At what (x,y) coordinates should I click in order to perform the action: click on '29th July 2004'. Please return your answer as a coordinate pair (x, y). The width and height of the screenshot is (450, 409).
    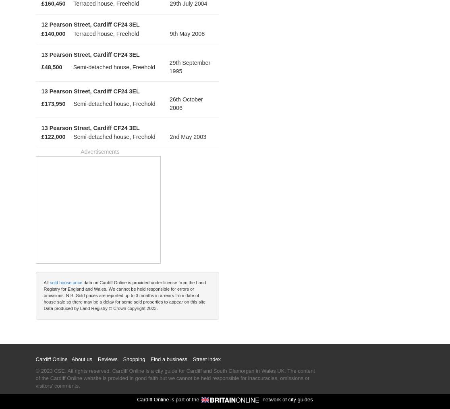
    Looking at the image, I should click on (188, 3).